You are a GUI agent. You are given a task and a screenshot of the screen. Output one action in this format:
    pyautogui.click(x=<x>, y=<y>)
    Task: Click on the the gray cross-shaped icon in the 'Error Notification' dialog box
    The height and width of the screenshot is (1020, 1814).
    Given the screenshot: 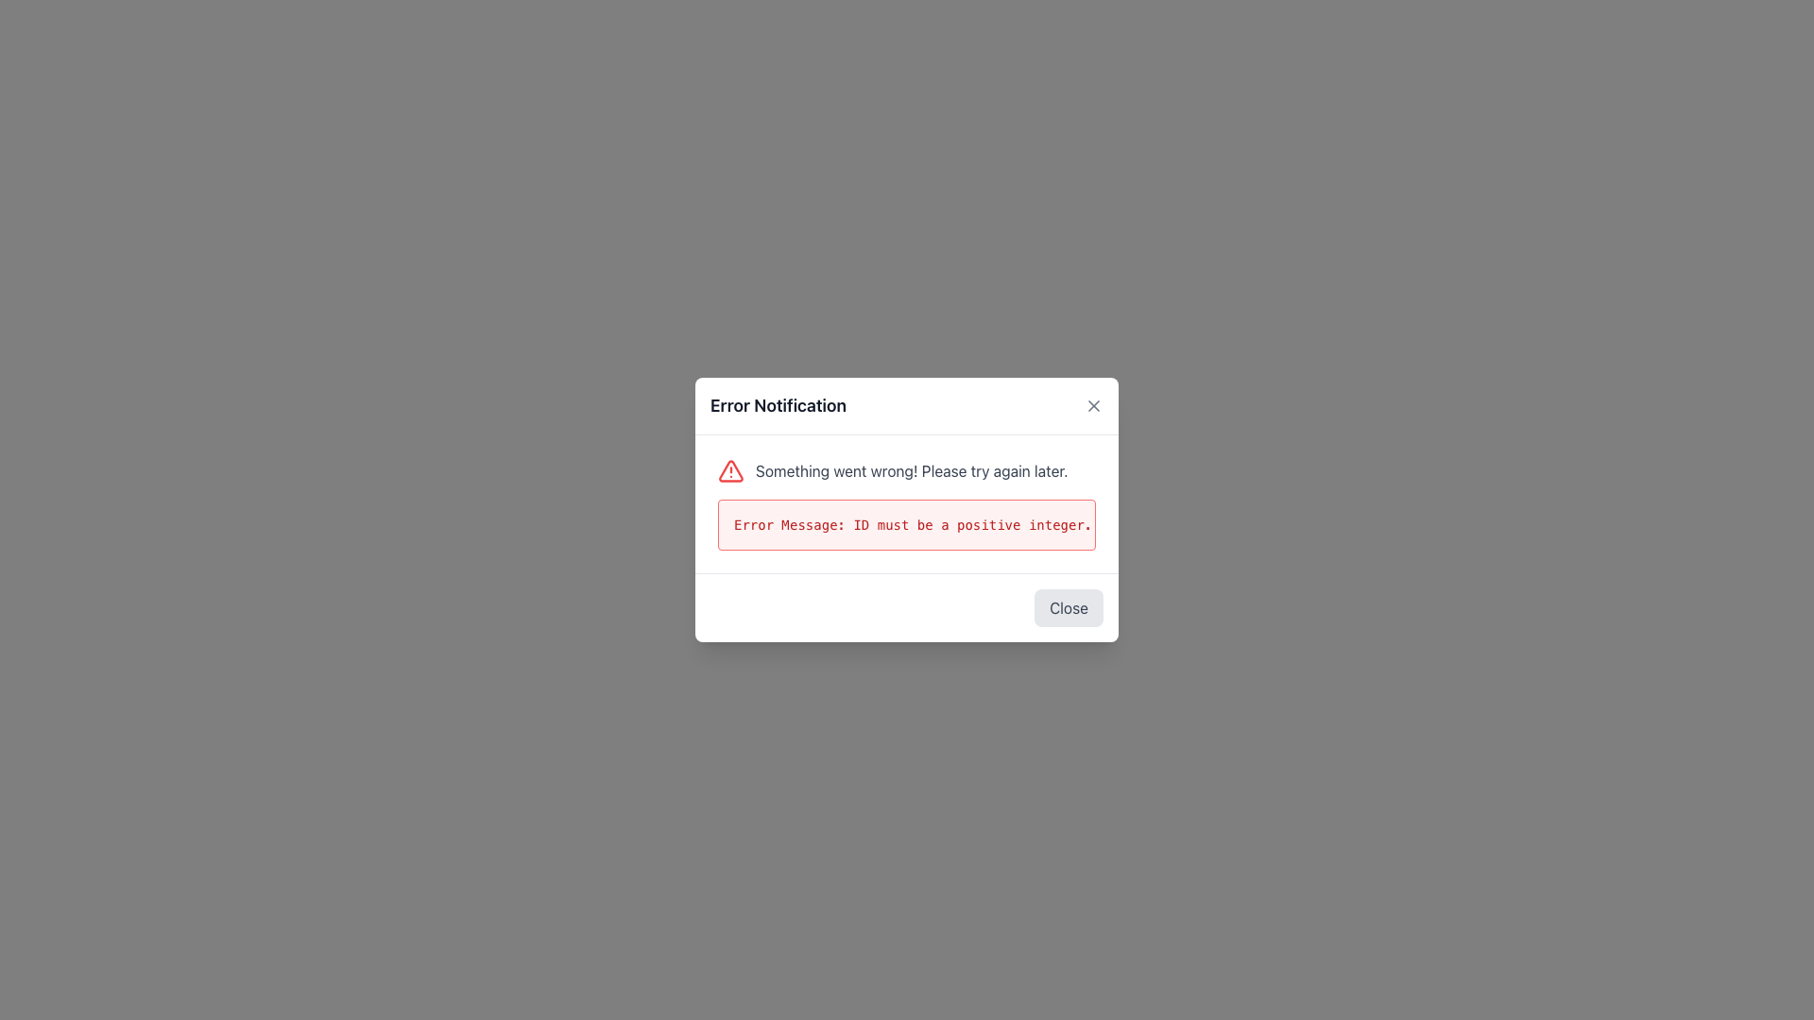 What is the action you would take?
    pyautogui.click(x=1093, y=404)
    